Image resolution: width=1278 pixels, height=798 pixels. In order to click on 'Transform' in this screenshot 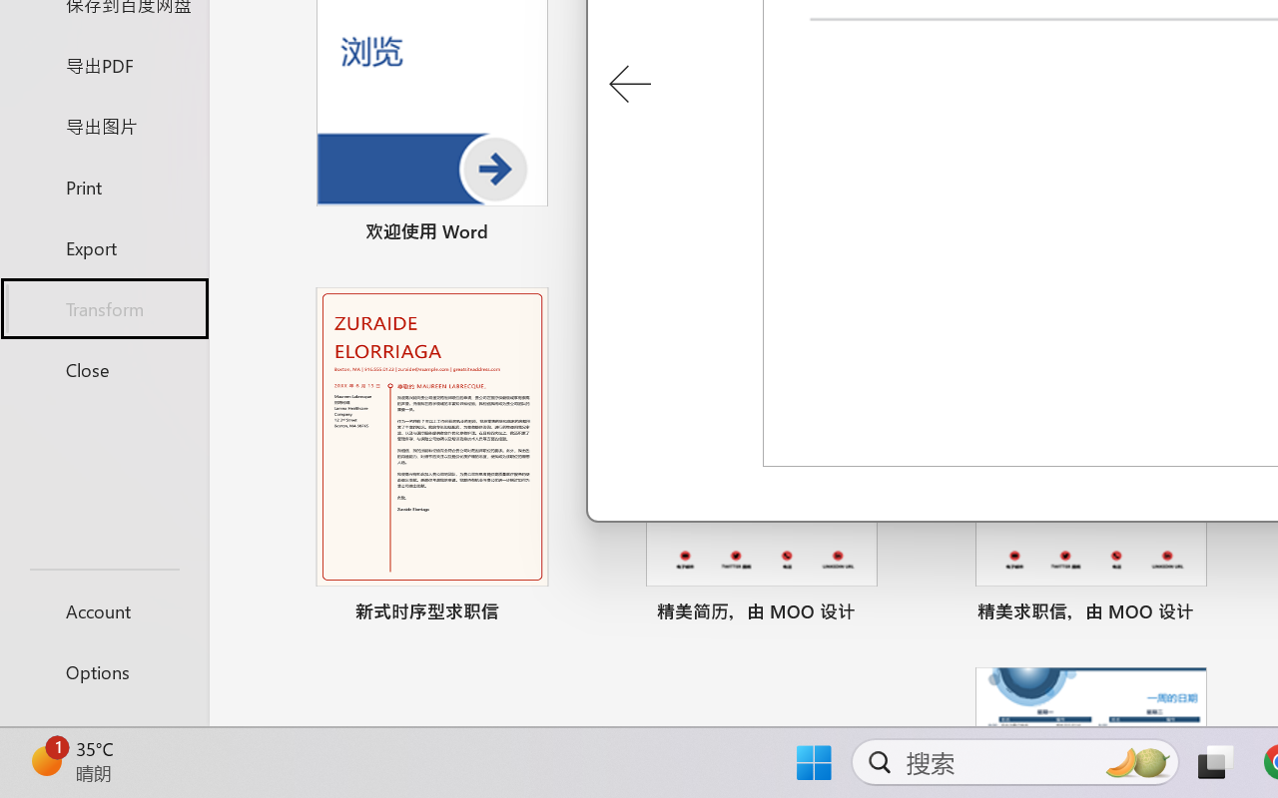, I will do `click(103, 307)`.